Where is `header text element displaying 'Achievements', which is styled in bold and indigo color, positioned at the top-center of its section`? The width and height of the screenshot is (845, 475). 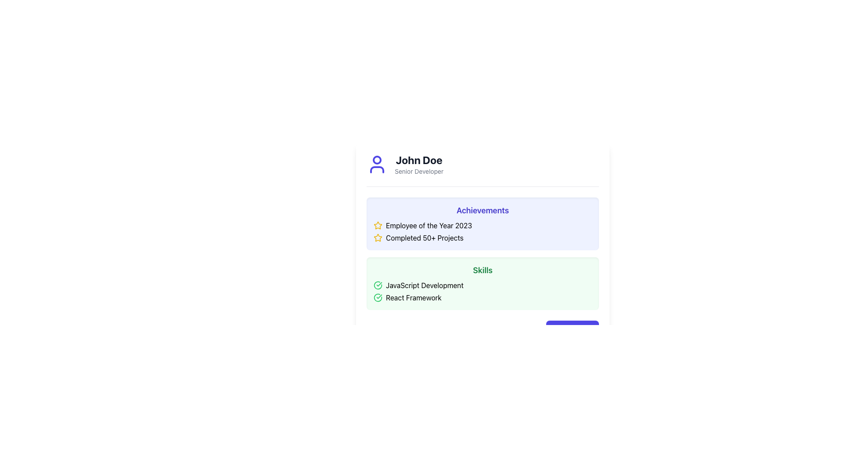
header text element displaying 'Achievements', which is styled in bold and indigo color, positioned at the top-center of its section is located at coordinates (482, 210).